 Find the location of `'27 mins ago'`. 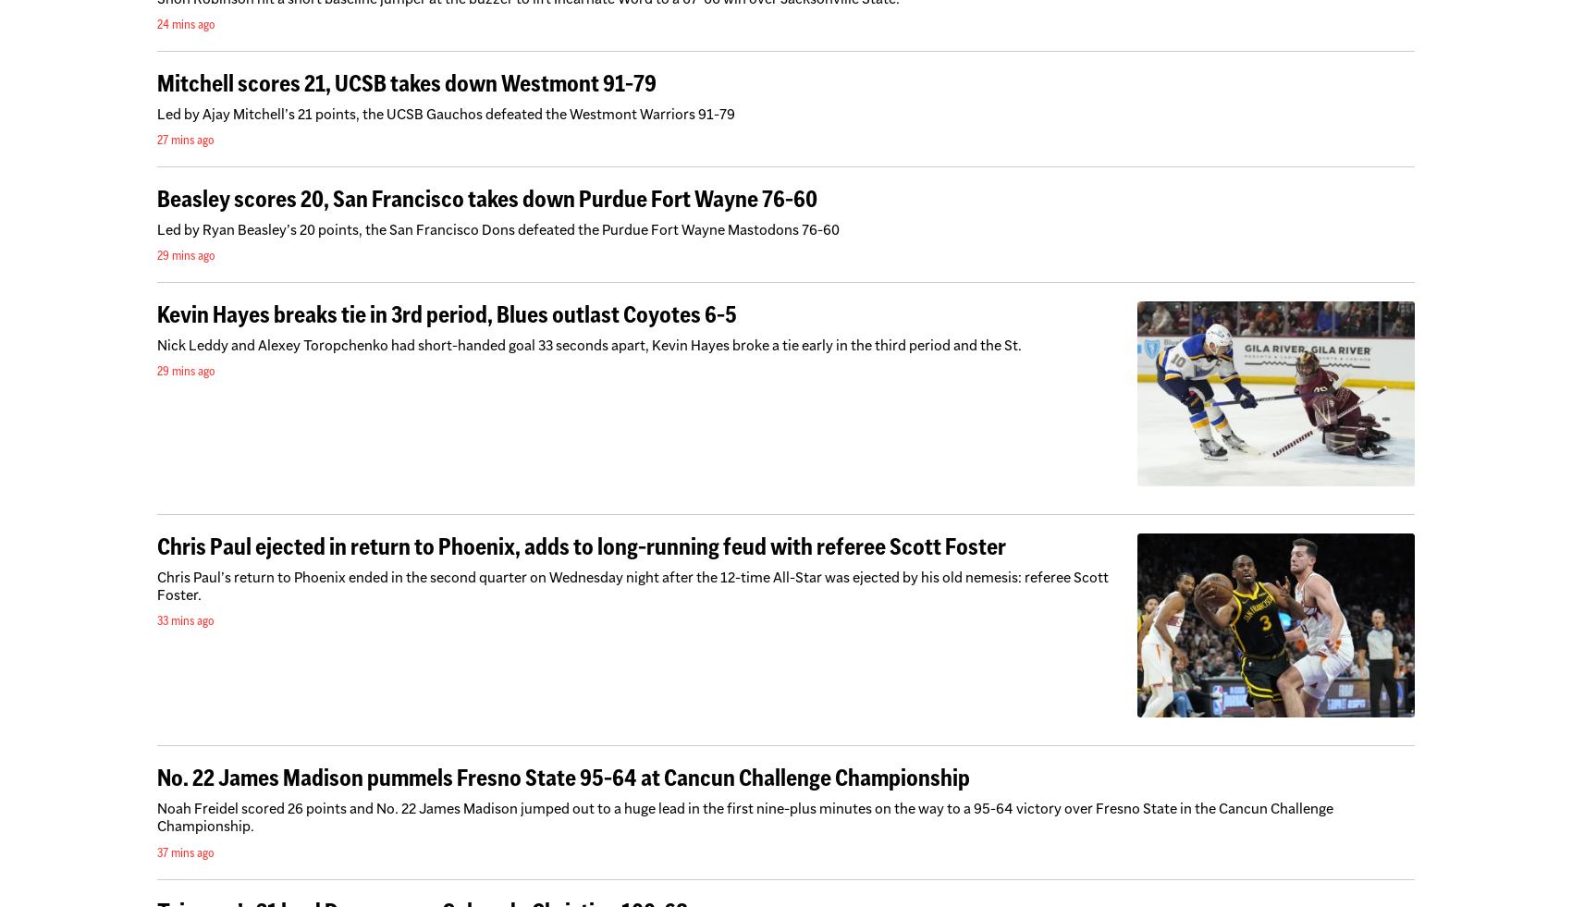

'27 mins ago' is located at coordinates (184, 137).